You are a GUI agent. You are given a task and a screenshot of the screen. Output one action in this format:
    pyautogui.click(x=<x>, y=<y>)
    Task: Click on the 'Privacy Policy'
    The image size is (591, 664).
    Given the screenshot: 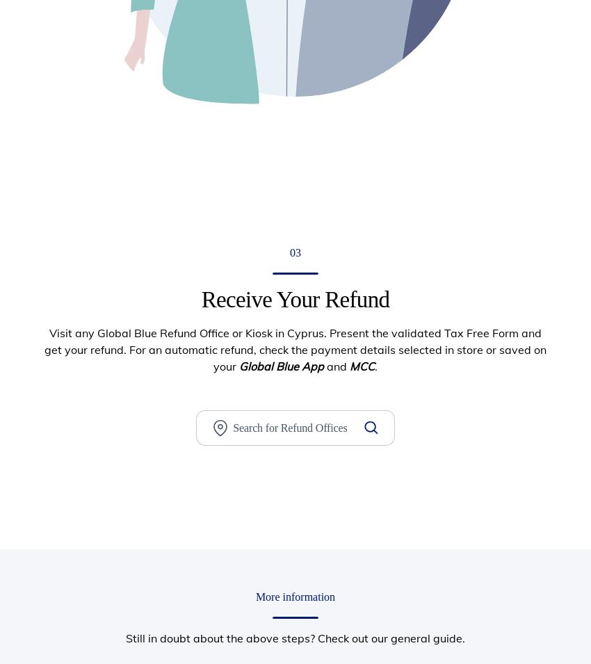 What is the action you would take?
    pyautogui.click(x=447, y=439)
    